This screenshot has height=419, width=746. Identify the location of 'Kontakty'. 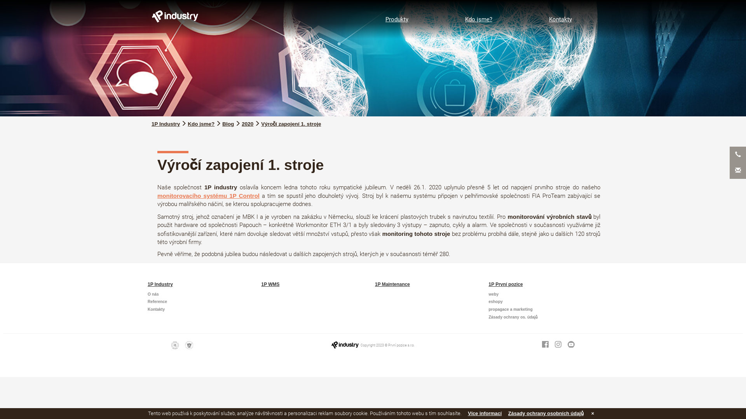
(560, 19).